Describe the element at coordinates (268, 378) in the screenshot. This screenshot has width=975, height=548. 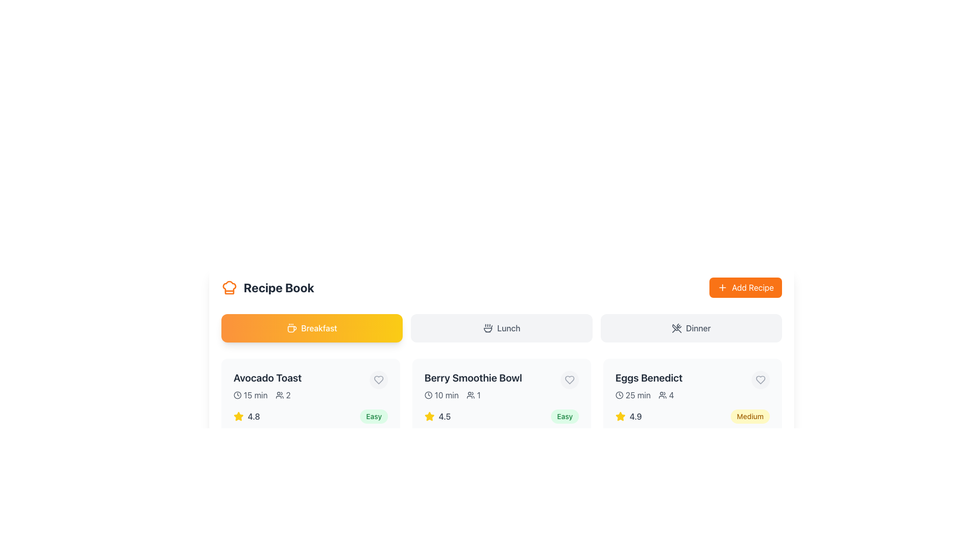
I see `the text label displaying 'Avocado Toast', which is in bold and dark gray font, located at the top of the recipe card component` at that location.